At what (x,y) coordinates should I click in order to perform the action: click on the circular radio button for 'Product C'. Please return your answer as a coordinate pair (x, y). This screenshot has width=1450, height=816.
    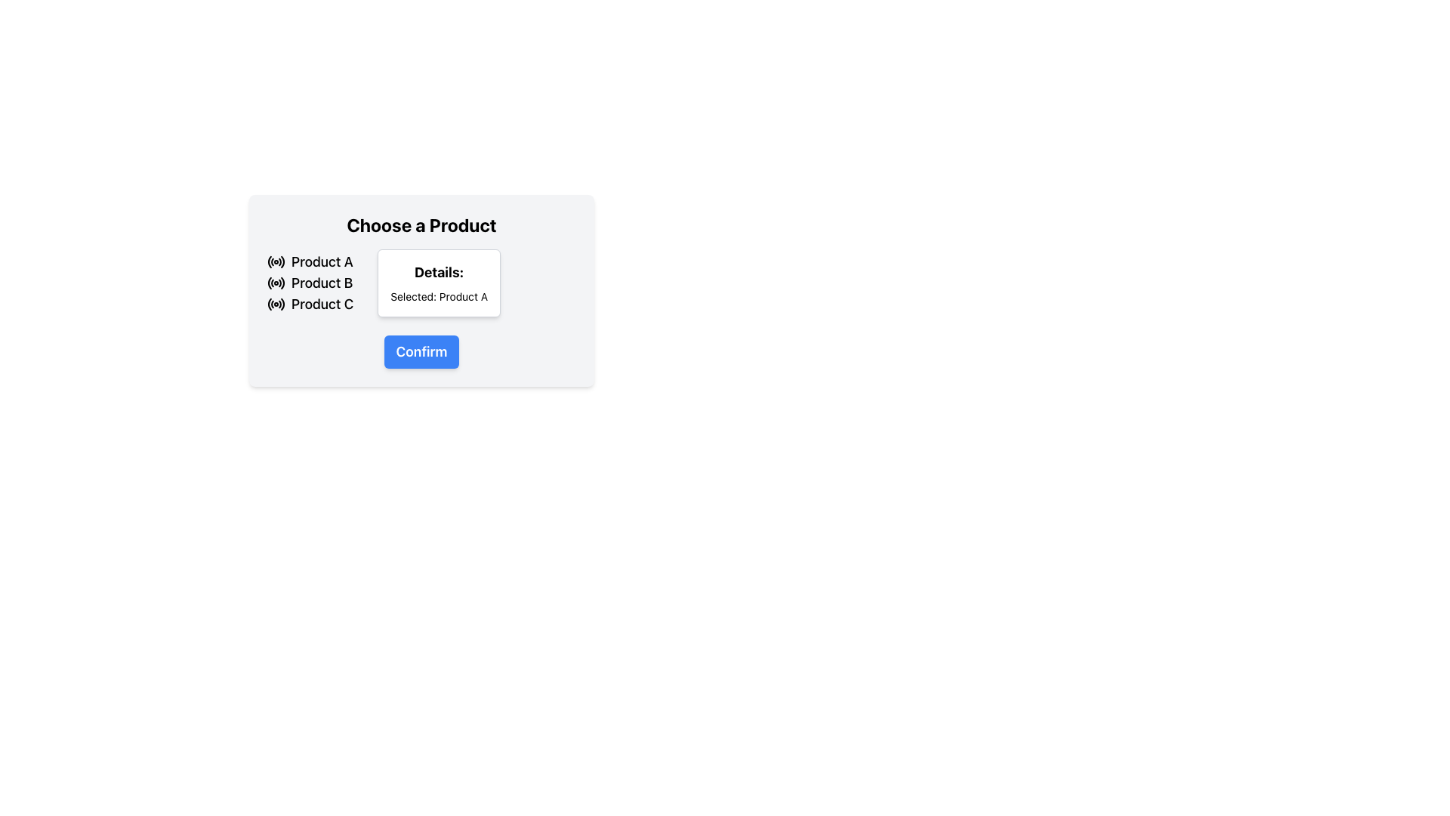
    Looking at the image, I should click on (276, 304).